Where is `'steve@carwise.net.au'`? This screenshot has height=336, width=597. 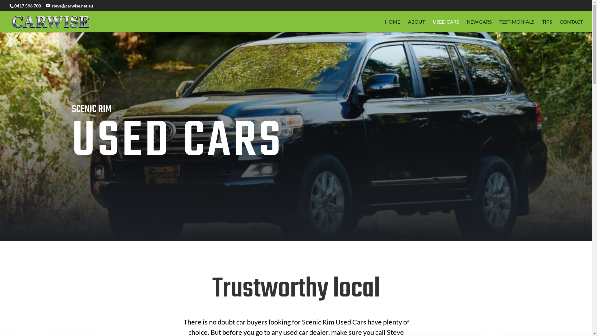
'steve@carwise.net.au' is located at coordinates (69, 6).